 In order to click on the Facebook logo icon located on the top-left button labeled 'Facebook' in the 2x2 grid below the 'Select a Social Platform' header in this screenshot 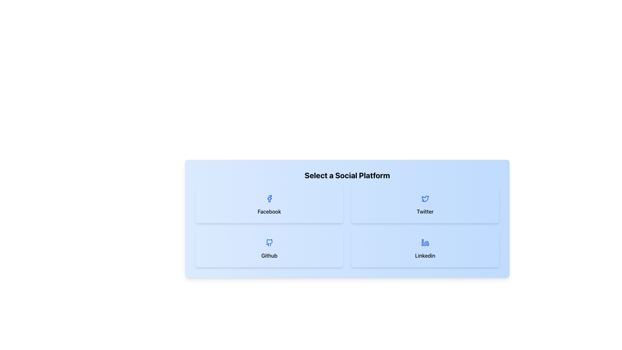, I will do `click(269, 198)`.